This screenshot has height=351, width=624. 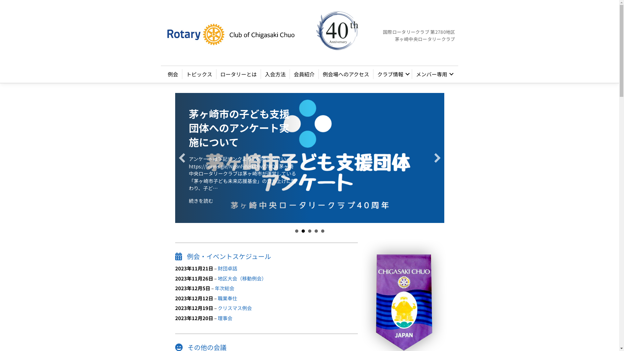 What do you see at coordinates (316, 230) in the screenshot?
I see `'4'` at bounding box center [316, 230].